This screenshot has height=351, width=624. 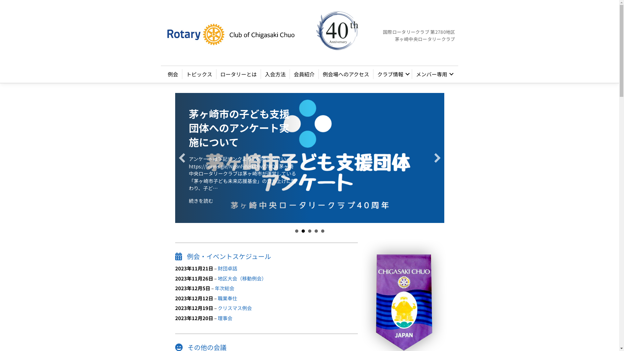 What do you see at coordinates (316, 230) in the screenshot?
I see `'4'` at bounding box center [316, 230].